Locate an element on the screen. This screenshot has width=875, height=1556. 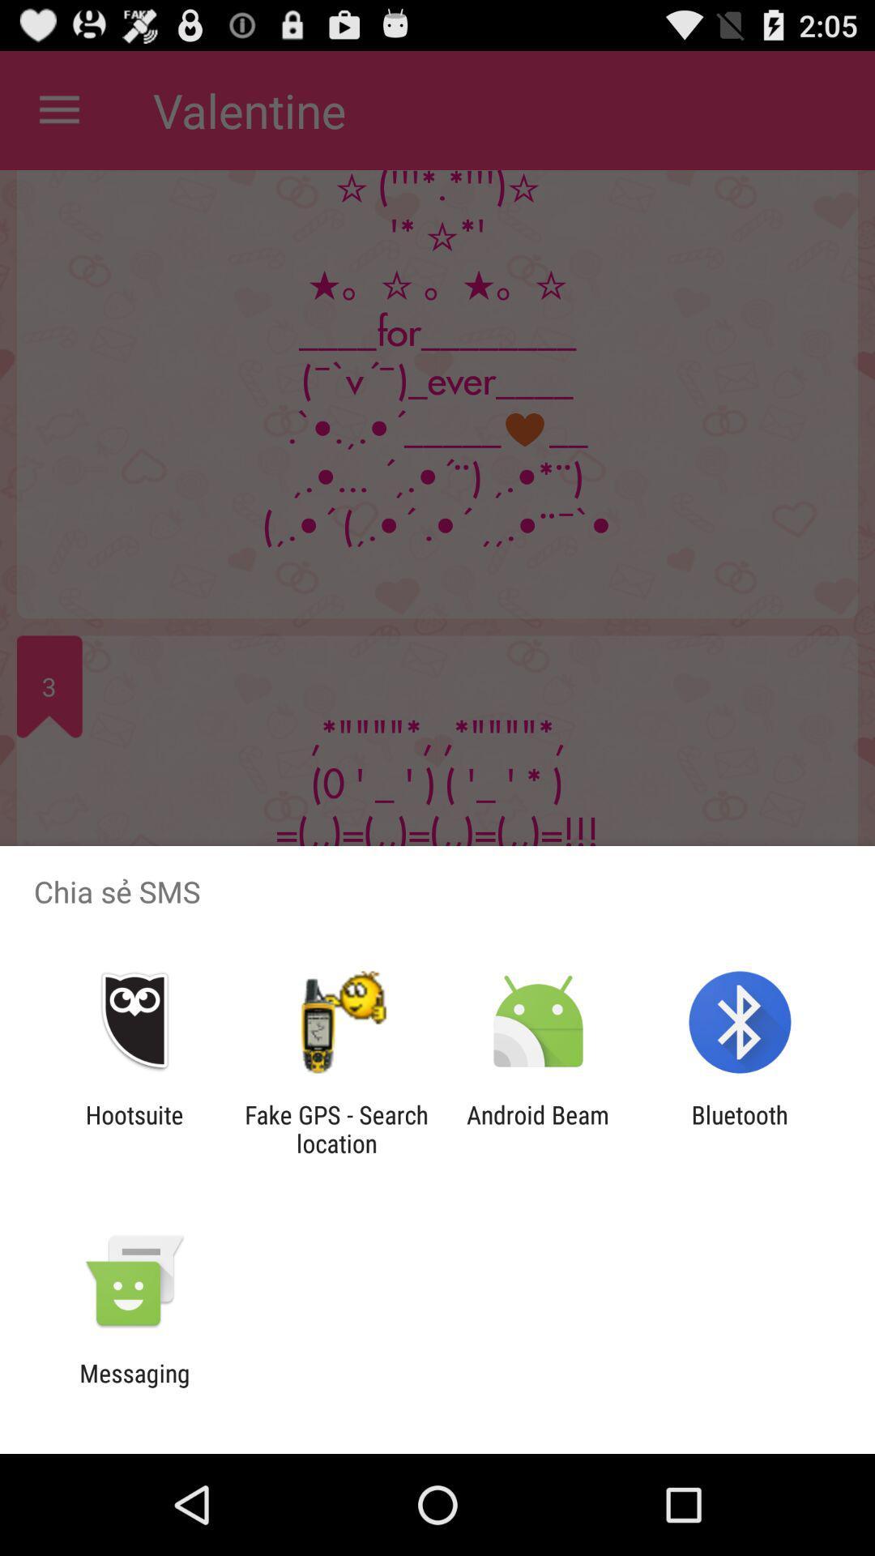
icon next to the bluetooth icon is located at coordinates (538, 1128).